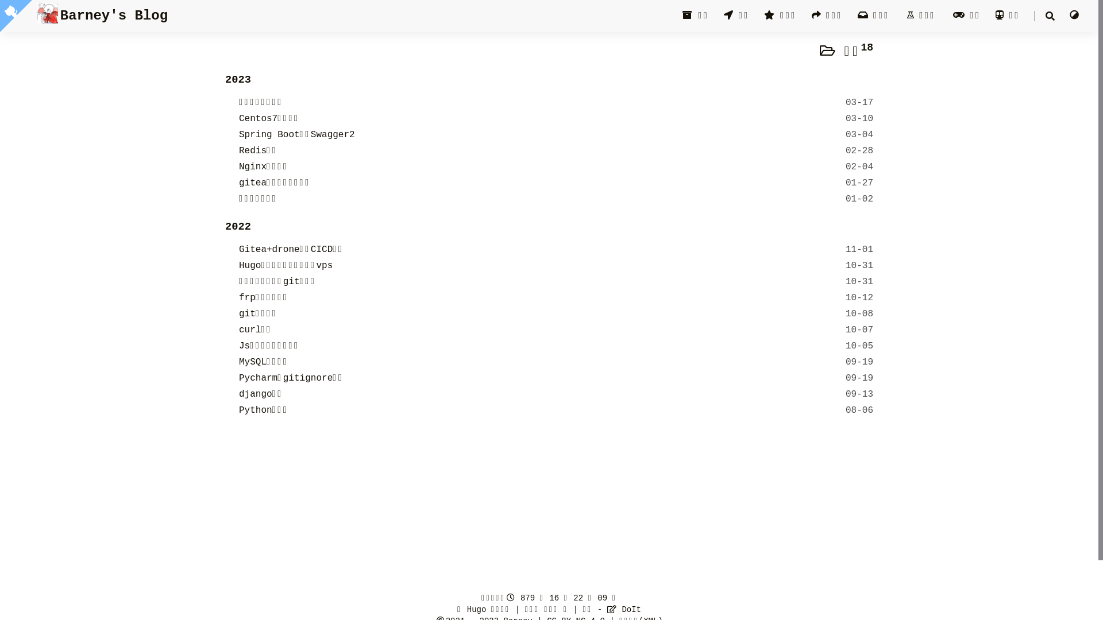 This screenshot has width=1103, height=620. I want to click on 'DoIt', so click(623, 609).